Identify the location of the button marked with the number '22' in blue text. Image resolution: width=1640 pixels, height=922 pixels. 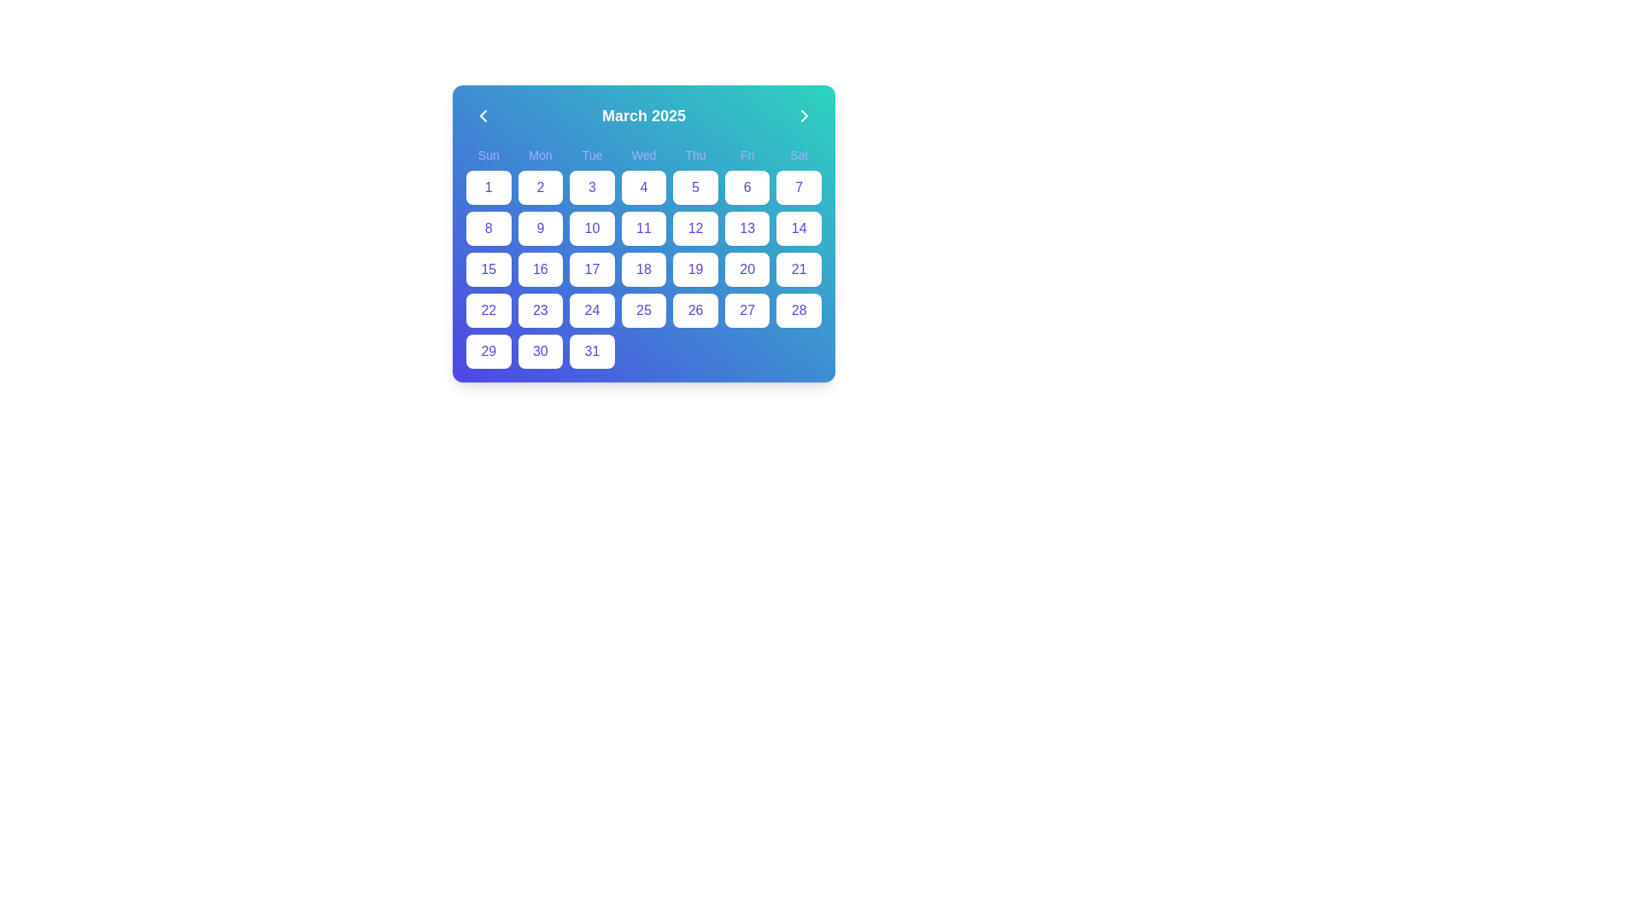
(488, 310).